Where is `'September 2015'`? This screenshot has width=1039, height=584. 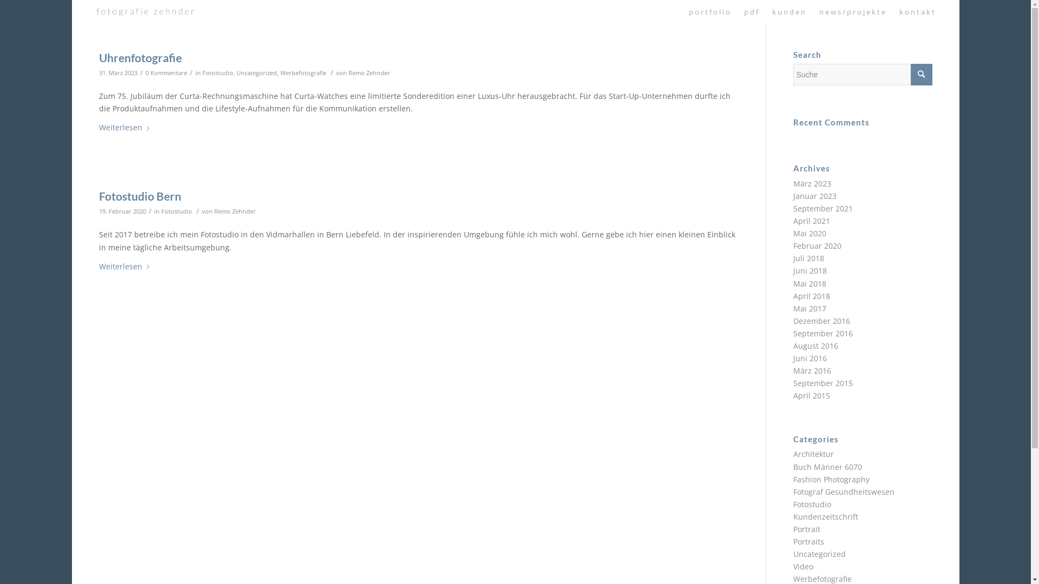 'September 2015' is located at coordinates (823, 382).